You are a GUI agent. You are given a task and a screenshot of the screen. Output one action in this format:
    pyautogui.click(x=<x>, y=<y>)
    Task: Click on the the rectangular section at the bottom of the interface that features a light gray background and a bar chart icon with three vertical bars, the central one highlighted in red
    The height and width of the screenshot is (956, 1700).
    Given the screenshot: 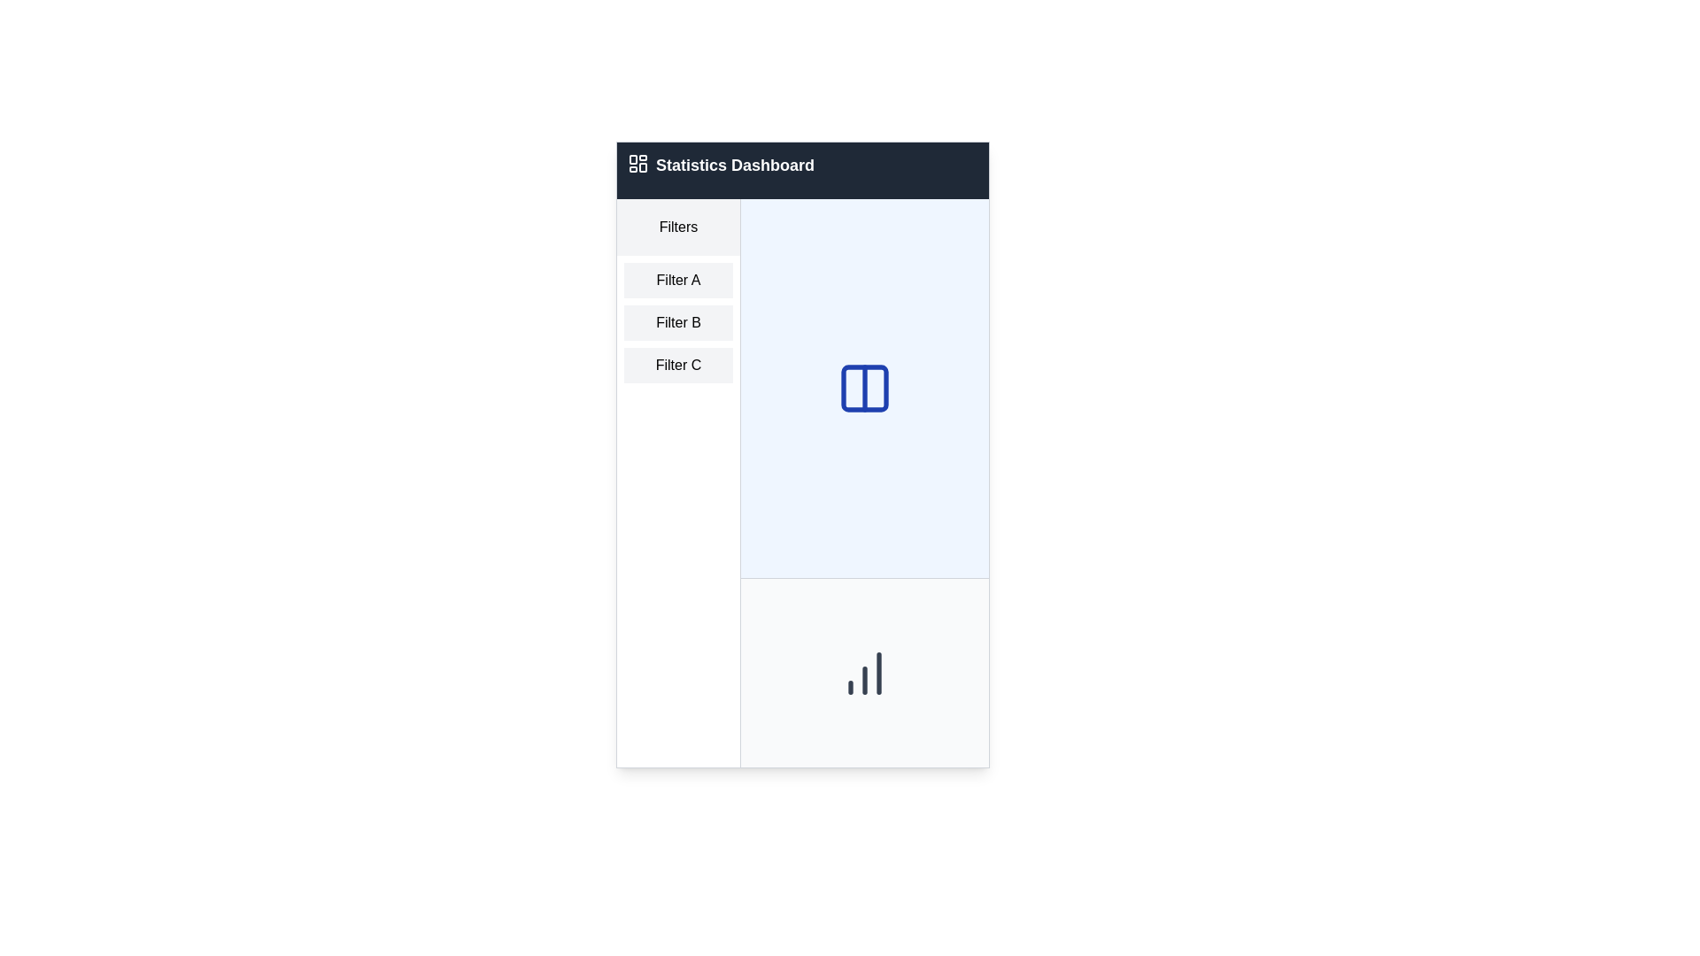 What is the action you would take?
    pyautogui.click(x=864, y=672)
    